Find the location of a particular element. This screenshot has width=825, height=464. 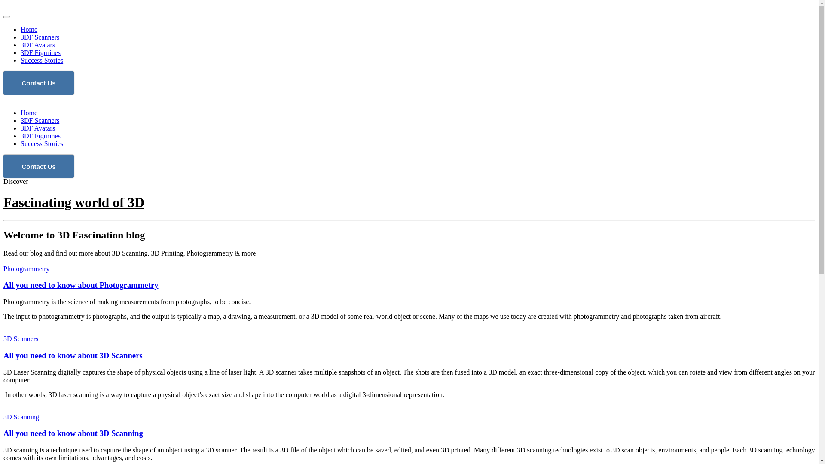

'3D Scanners' is located at coordinates (21, 338).